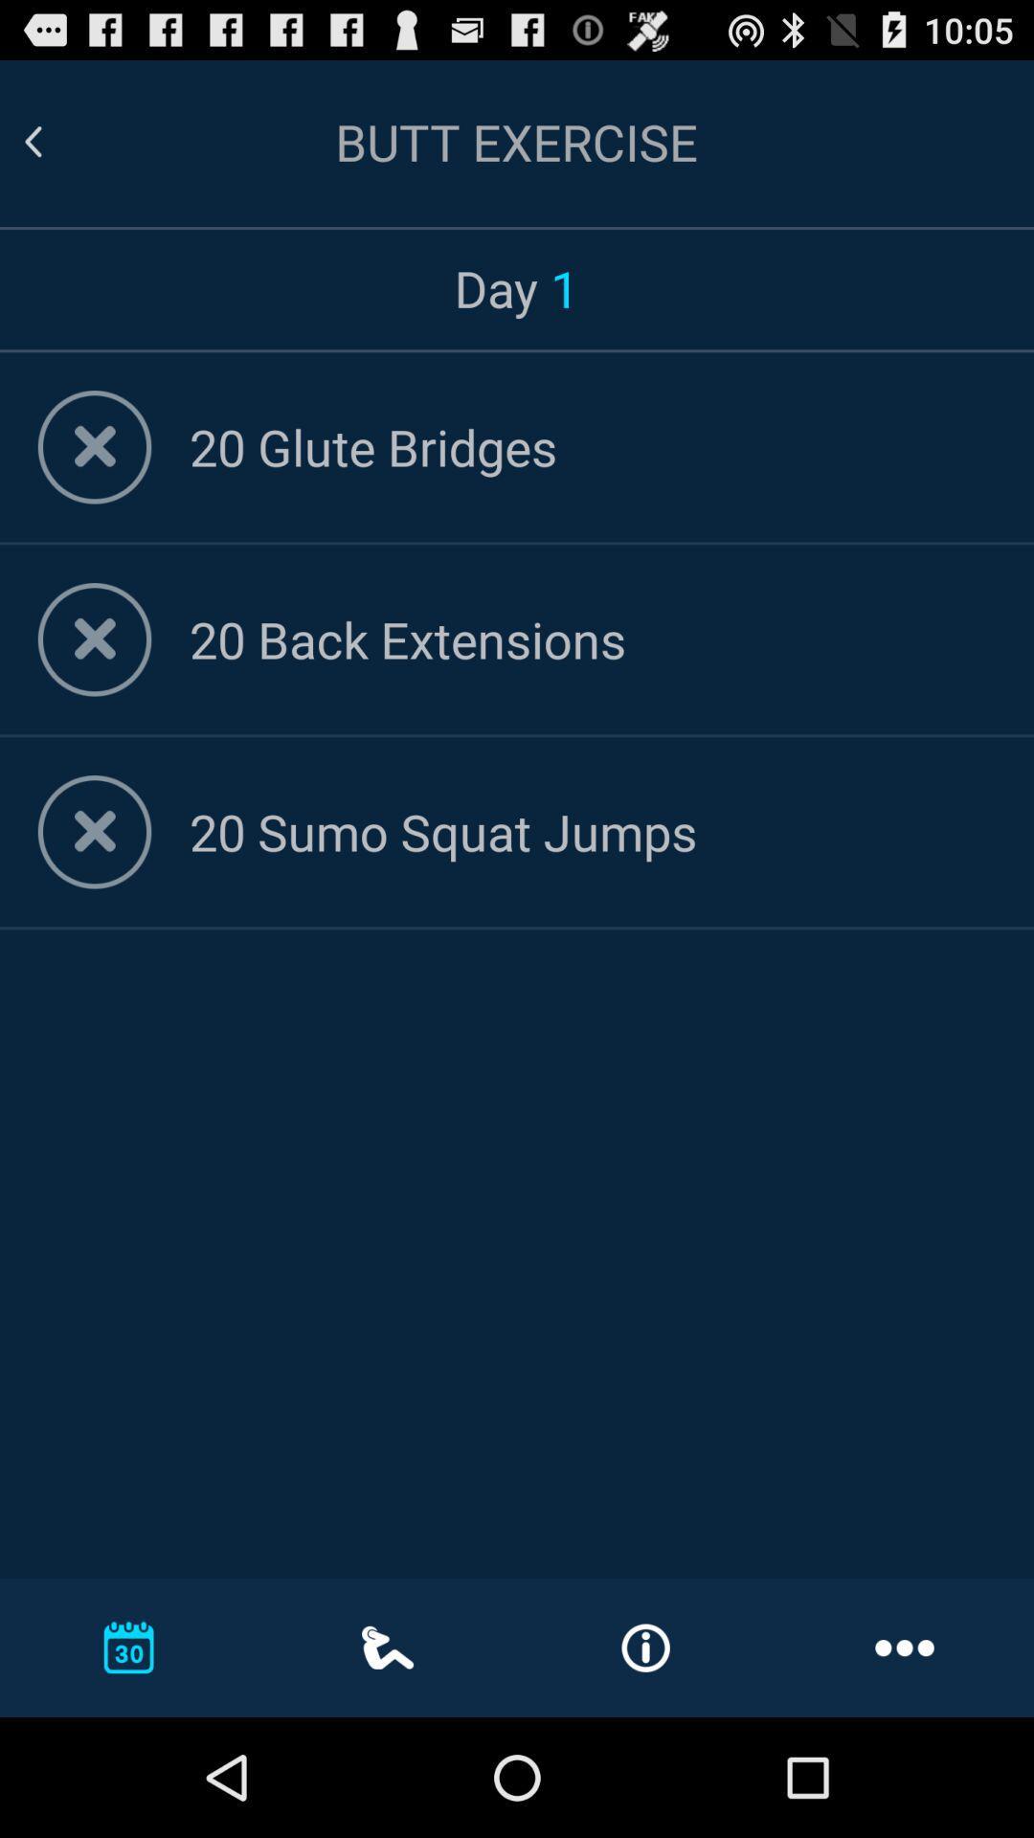 The image size is (1034, 1838). Describe the element at coordinates (95, 832) in the screenshot. I see `delete item` at that location.